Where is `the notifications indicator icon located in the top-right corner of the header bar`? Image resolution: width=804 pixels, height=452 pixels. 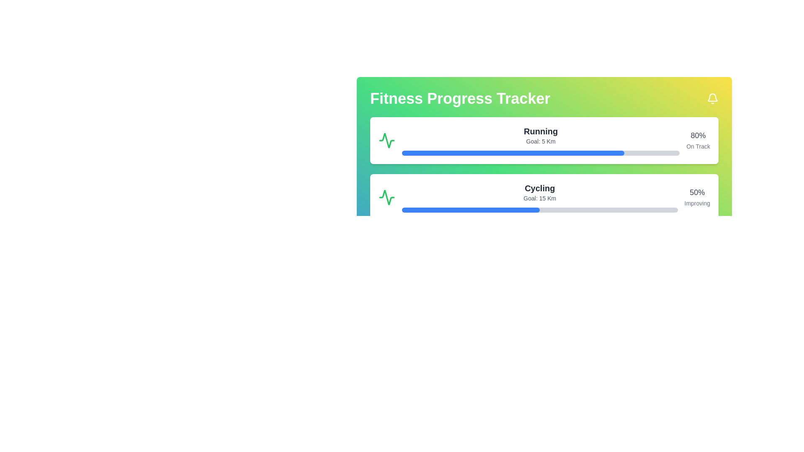
the notifications indicator icon located in the top-right corner of the header bar is located at coordinates (712, 98).